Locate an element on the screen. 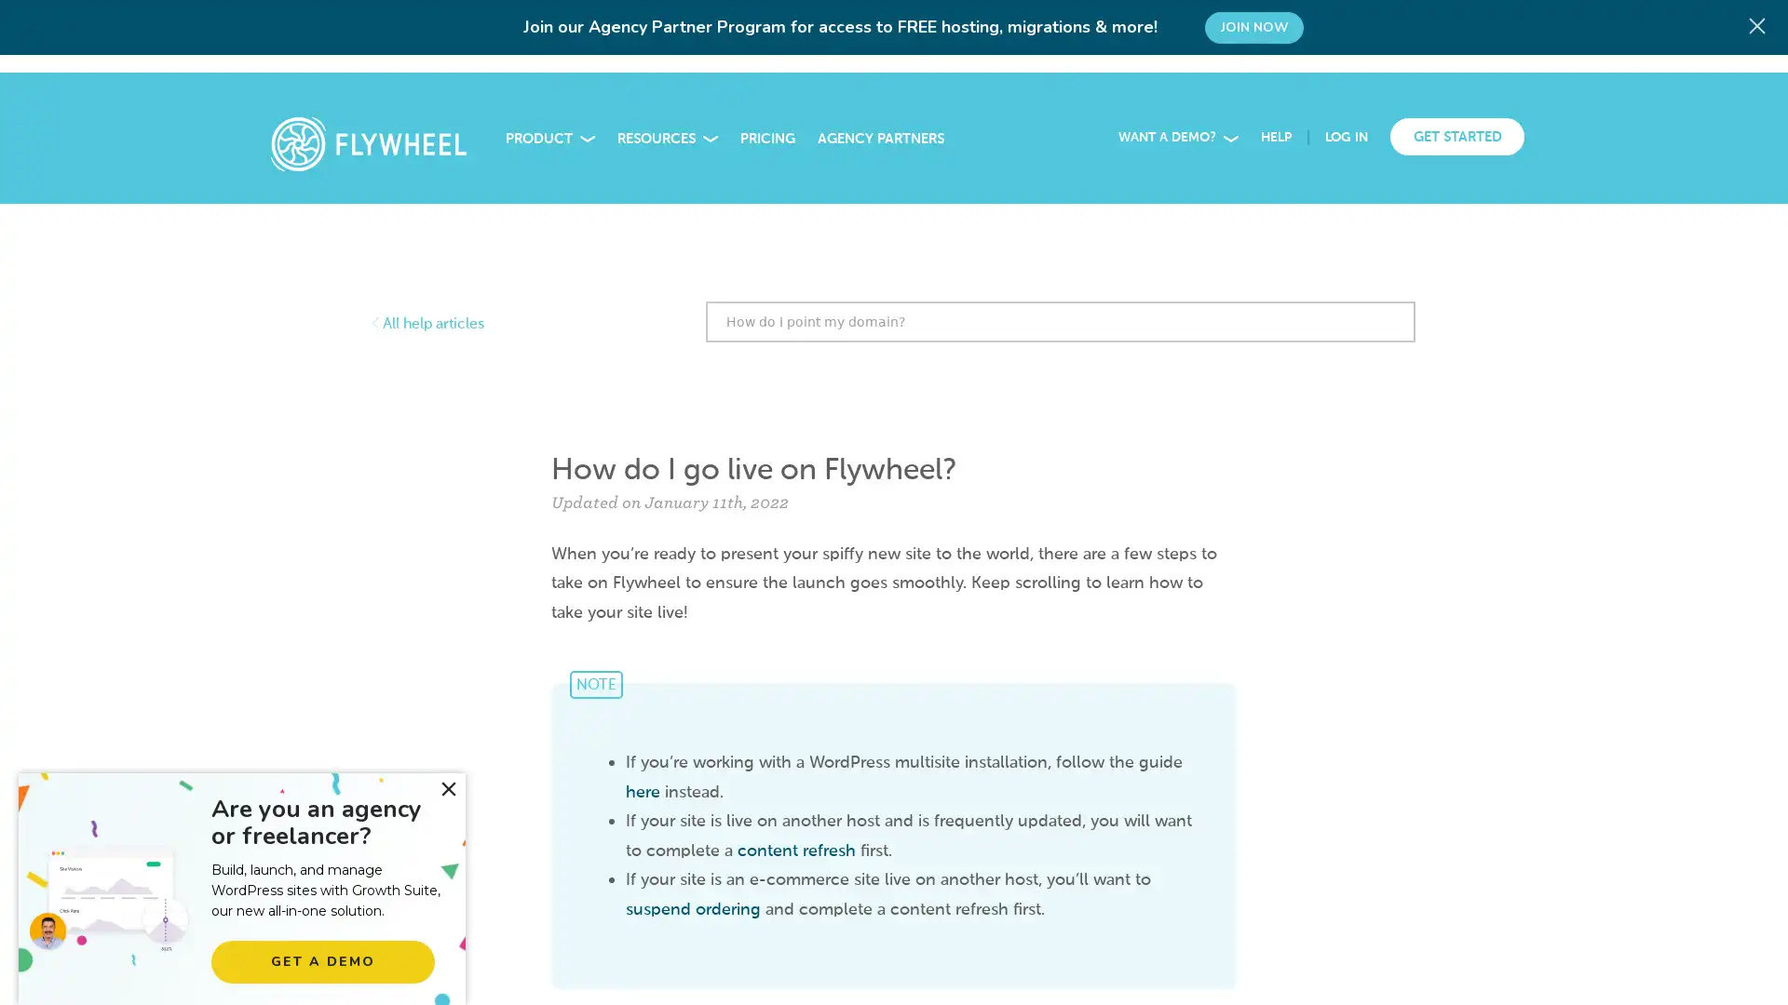 The image size is (1788, 1005). GET A DEMO is located at coordinates (322, 961).